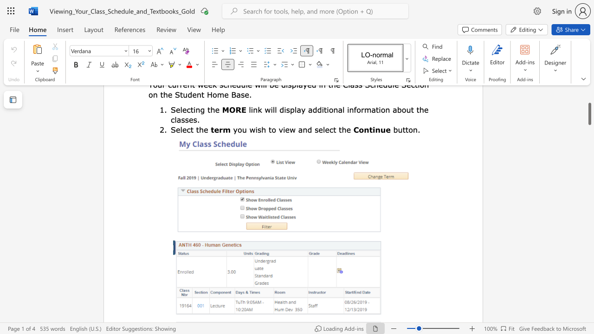 The width and height of the screenshot is (594, 334). What do you see at coordinates (589, 113) in the screenshot?
I see `the scrollbar and move up 230 pixels` at bounding box center [589, 113].